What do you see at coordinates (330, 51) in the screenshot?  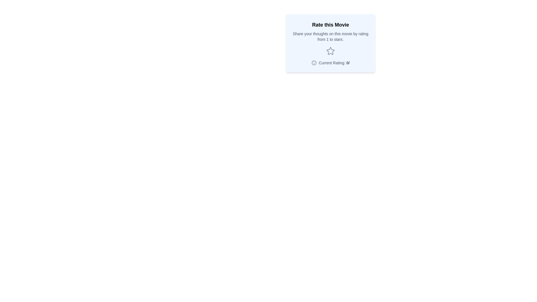 I see `the Star rating icon, which is part of the rating group located below the text 'Share your thoughts on this movie by rating from 1 to stars.'` at bounding box center [330, 51].